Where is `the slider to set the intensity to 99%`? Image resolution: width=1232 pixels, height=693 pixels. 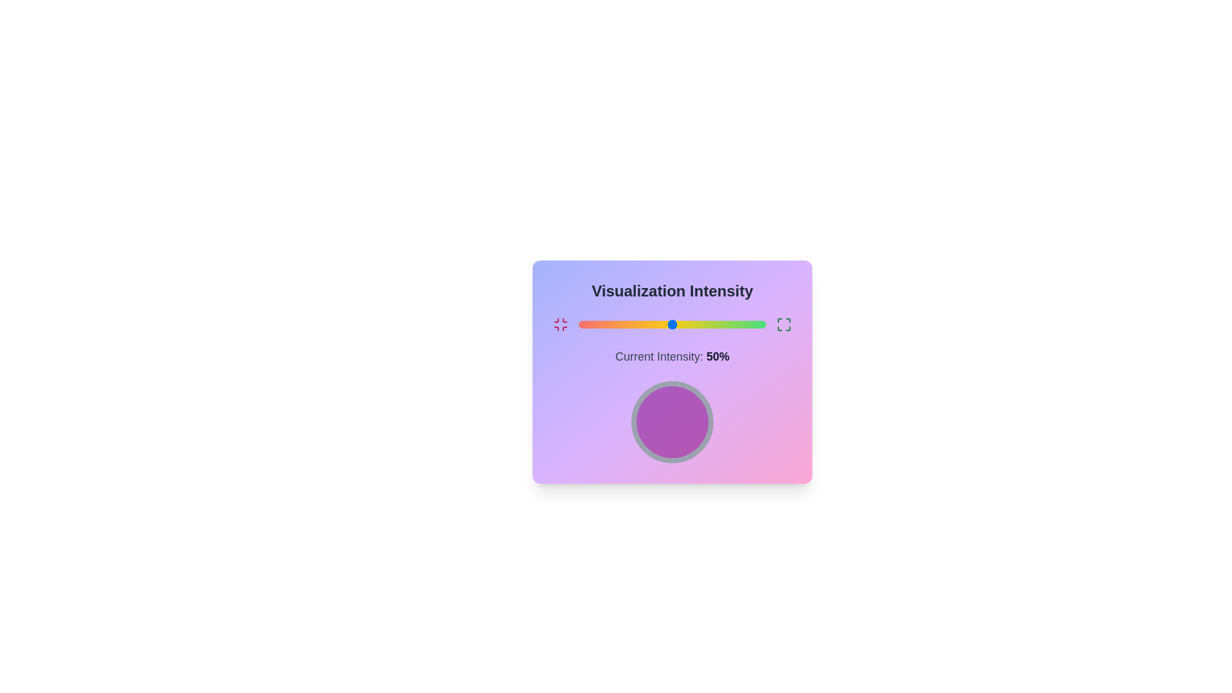 the slider to set the intensity to 99% is located at coordinates (764, 323).